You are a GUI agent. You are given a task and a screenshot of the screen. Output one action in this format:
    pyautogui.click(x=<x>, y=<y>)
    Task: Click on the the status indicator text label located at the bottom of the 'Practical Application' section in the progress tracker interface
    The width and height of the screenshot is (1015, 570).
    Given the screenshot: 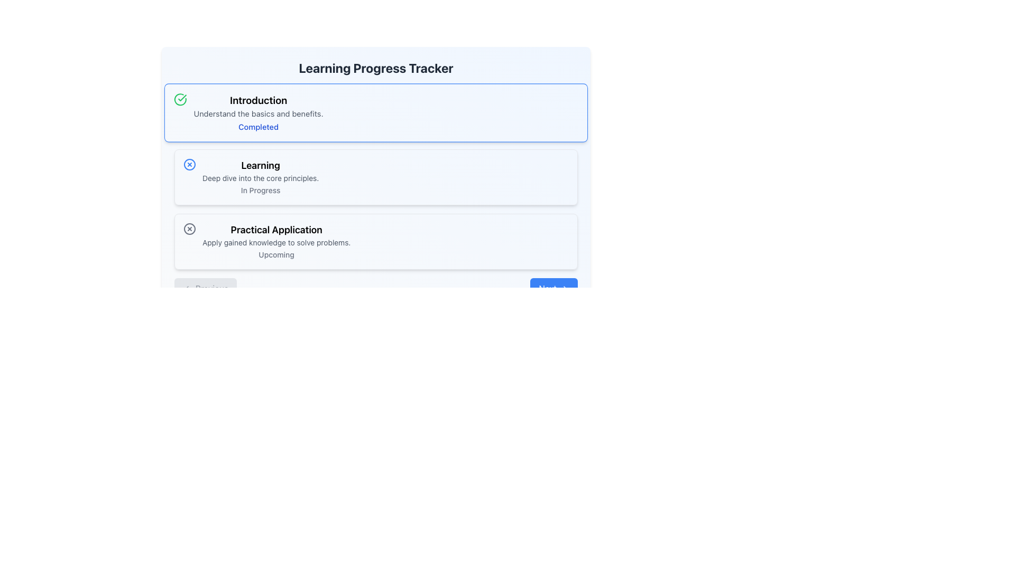 What is the action you would take?
    pyautogui.click(x=276, y=254)
    